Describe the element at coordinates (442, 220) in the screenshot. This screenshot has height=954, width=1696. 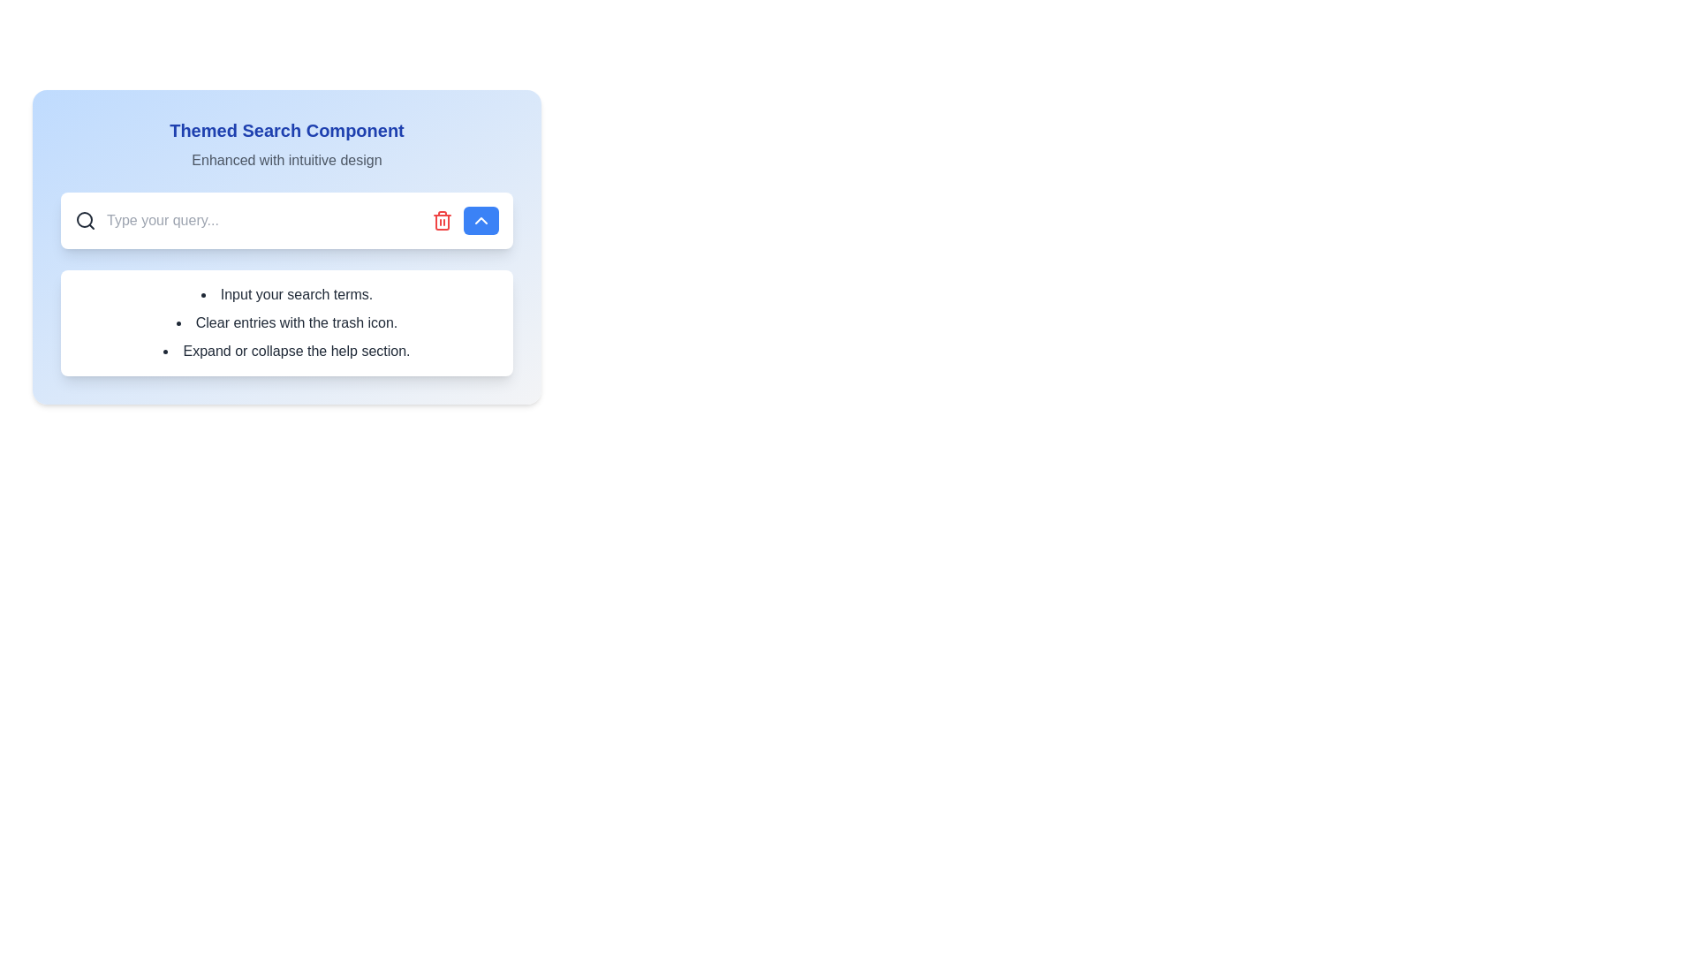
I see `the clear button located on the right side of the horizontal white search bar, which is positioned between the text input box and a blue button with an upward arrow` at that location.